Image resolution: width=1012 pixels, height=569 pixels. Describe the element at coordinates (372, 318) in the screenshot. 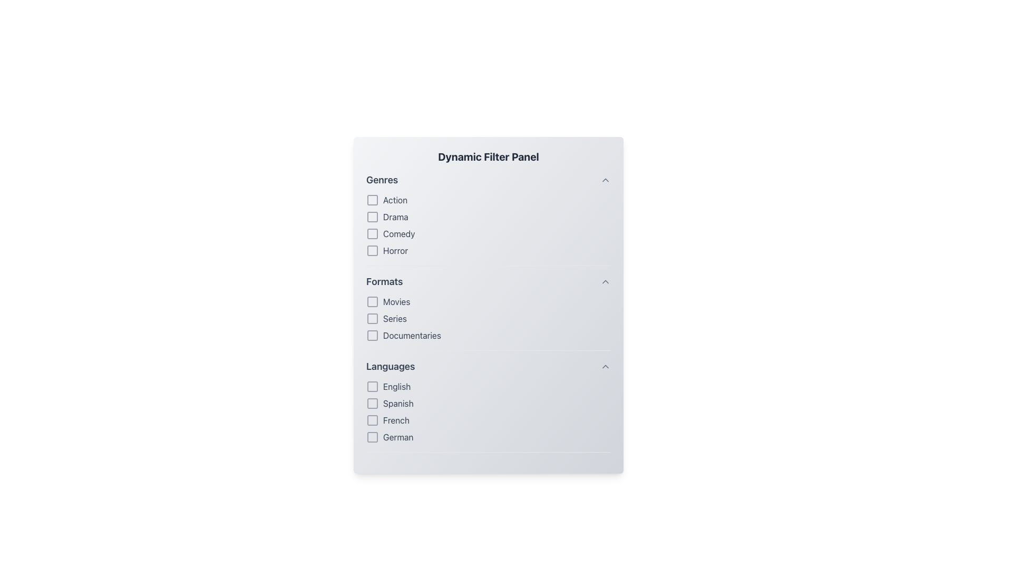

I see `the second checkbox in the 'Formats' section of the filter panel, located directly to the left of the label 'Series'` at that location.